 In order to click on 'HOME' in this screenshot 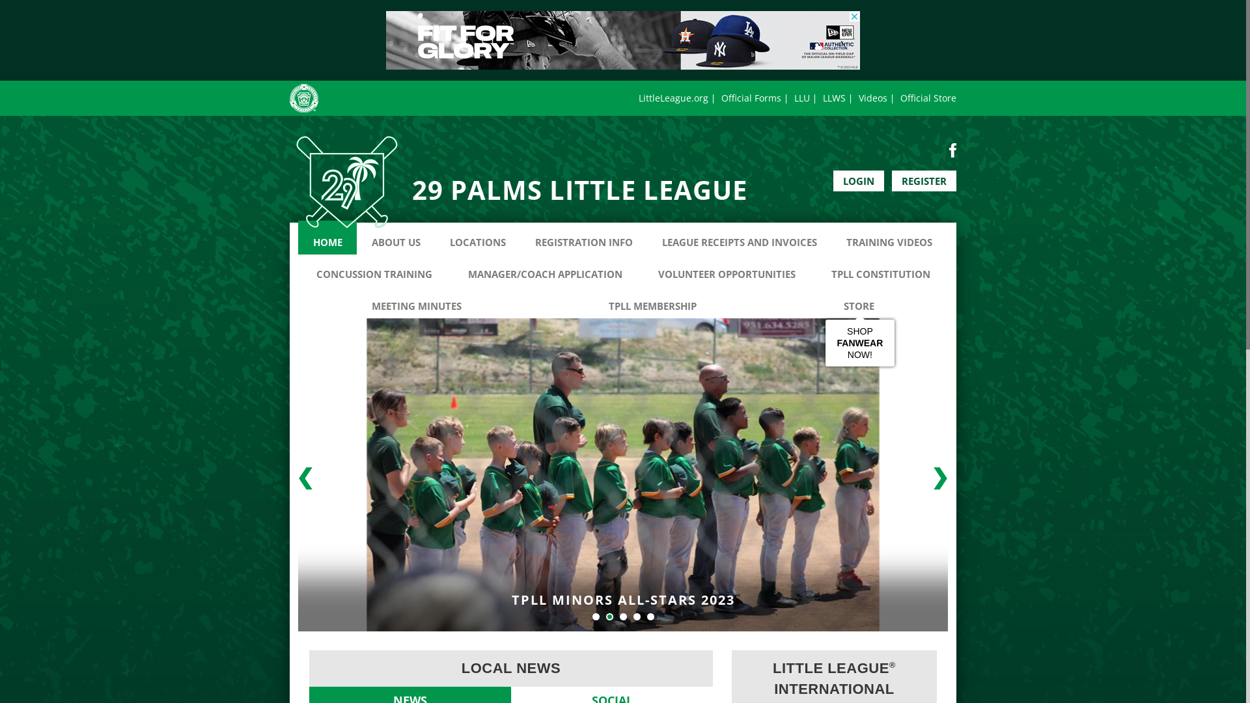, I will do `click(327, 238)`.